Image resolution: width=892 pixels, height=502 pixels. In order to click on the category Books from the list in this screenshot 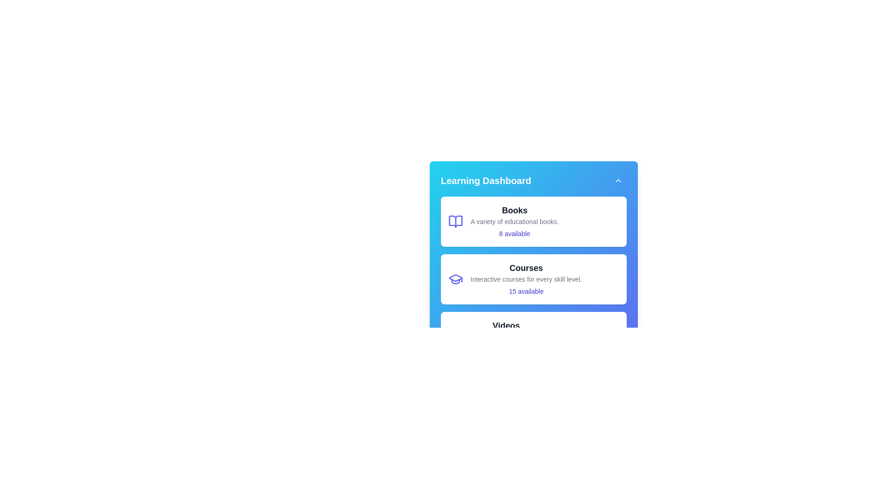, I will do `click(533, 222)`.